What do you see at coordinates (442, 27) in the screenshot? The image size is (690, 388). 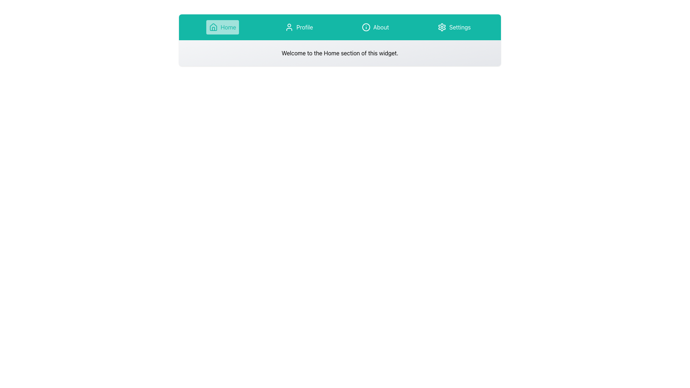 I see `the settings icon located in the top navigation bar, which is positioned to the left of the 'Settings' text label` at bounding box center [442, 27].